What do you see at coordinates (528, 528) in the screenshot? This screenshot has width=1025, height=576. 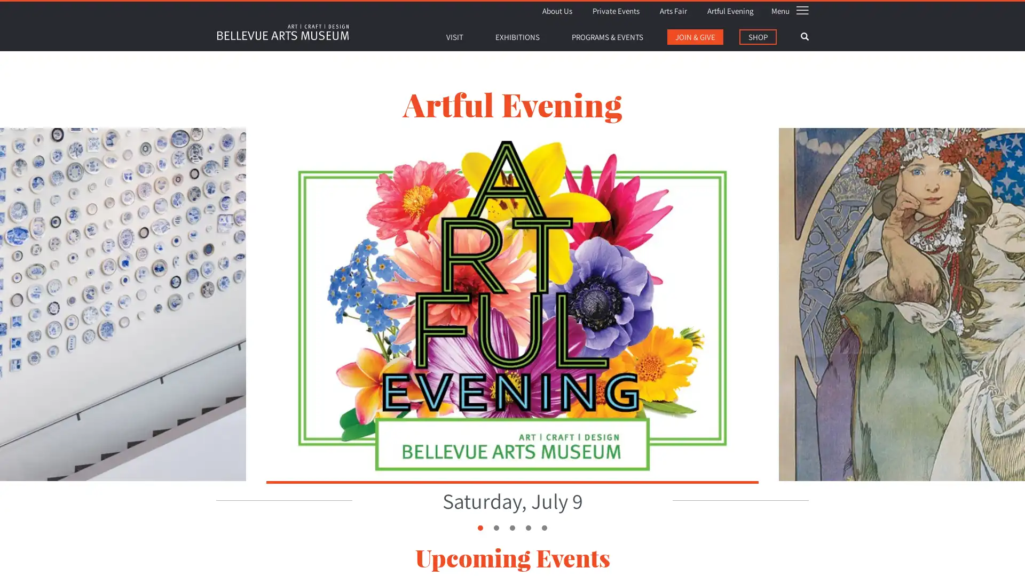 I see `4` at bounding box center [528, 528].